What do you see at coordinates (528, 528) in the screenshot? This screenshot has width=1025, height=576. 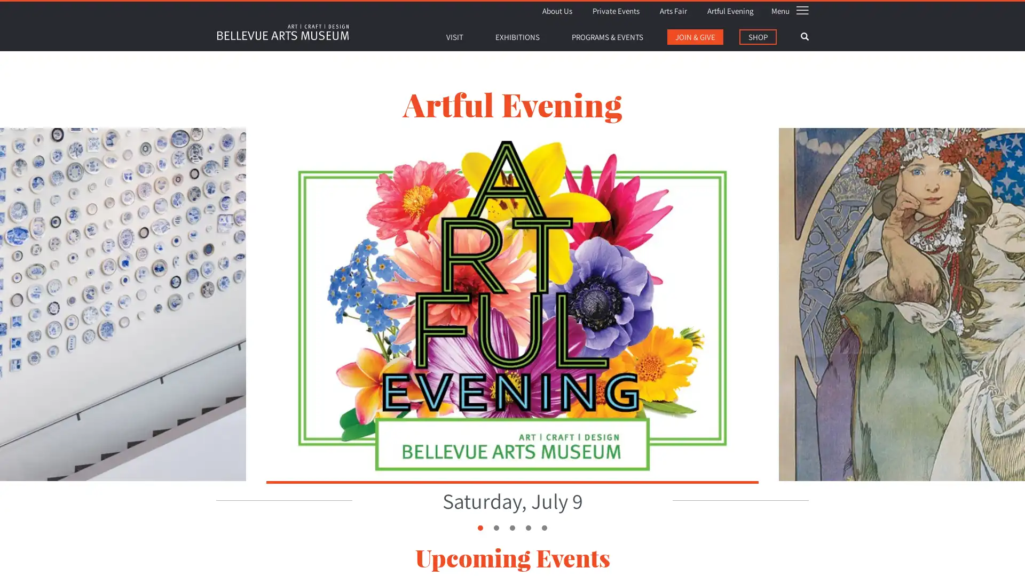 I see `4` at bounding box center [528, 528].